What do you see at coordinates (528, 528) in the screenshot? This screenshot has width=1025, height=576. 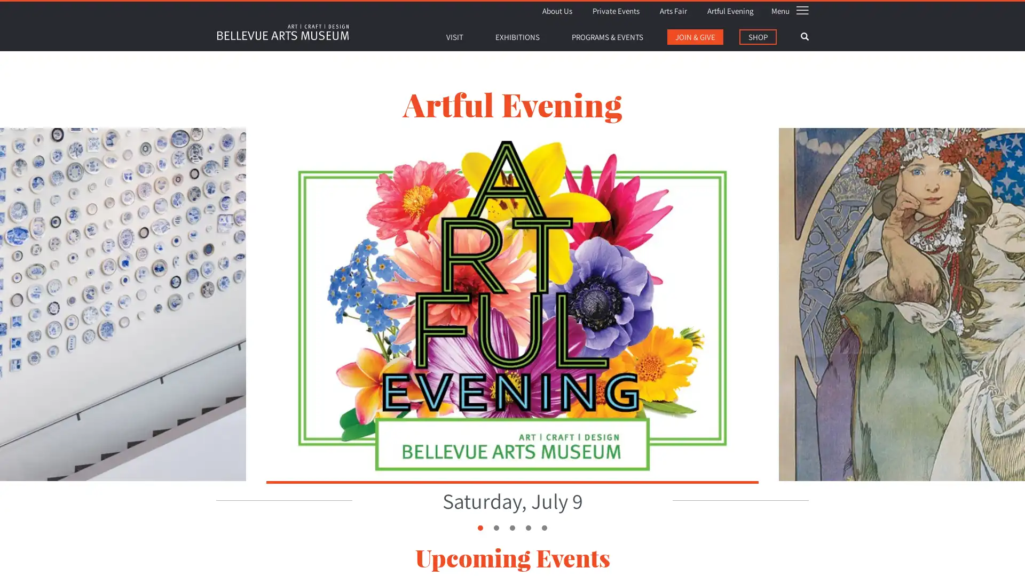 I see `4` at bounding box center [528, 528].